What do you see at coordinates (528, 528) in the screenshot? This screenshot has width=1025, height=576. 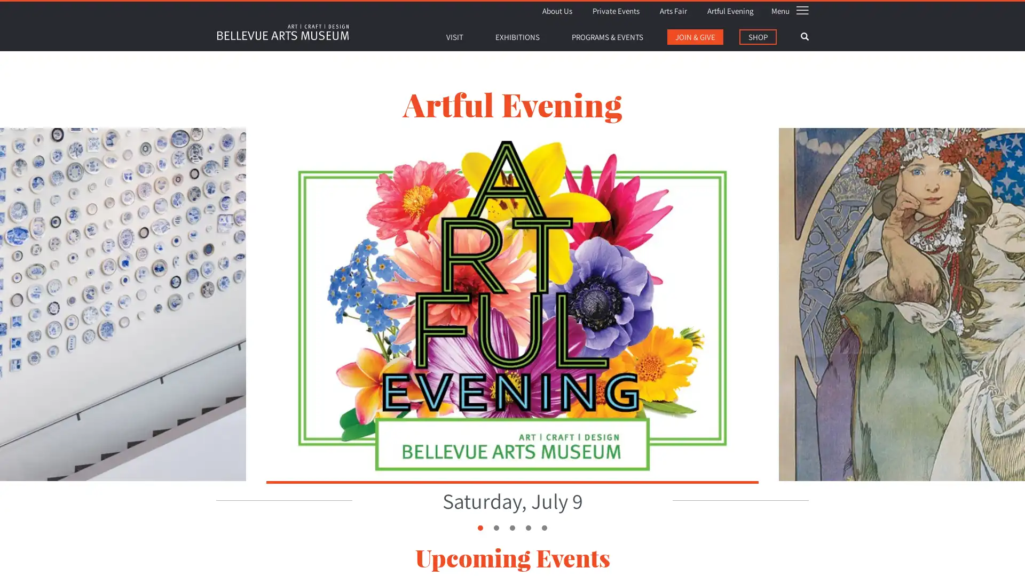 I see `4` at bounding box center [528, 528].